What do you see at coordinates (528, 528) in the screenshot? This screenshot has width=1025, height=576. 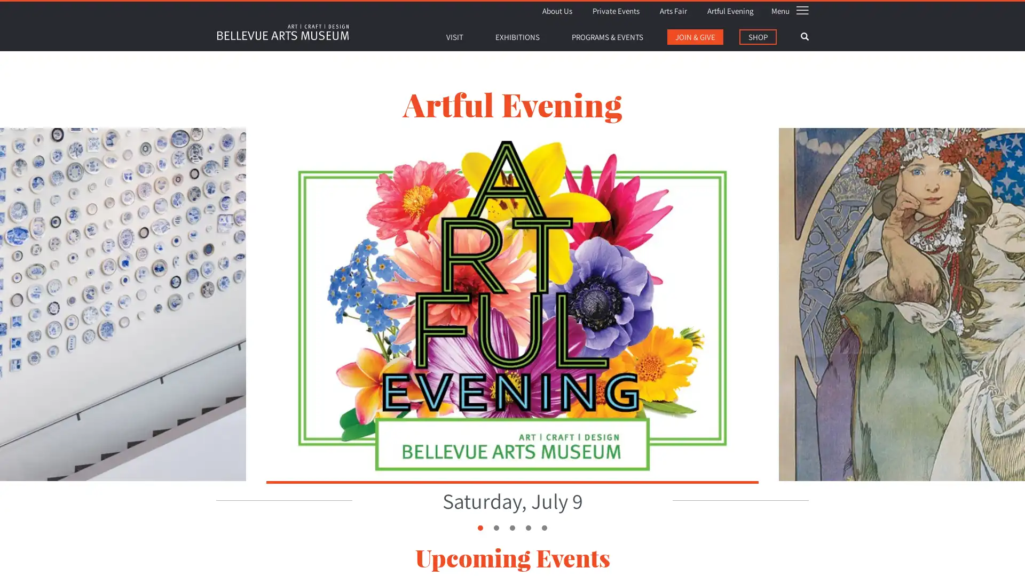 I see `4` at bounding box center [528, 528].